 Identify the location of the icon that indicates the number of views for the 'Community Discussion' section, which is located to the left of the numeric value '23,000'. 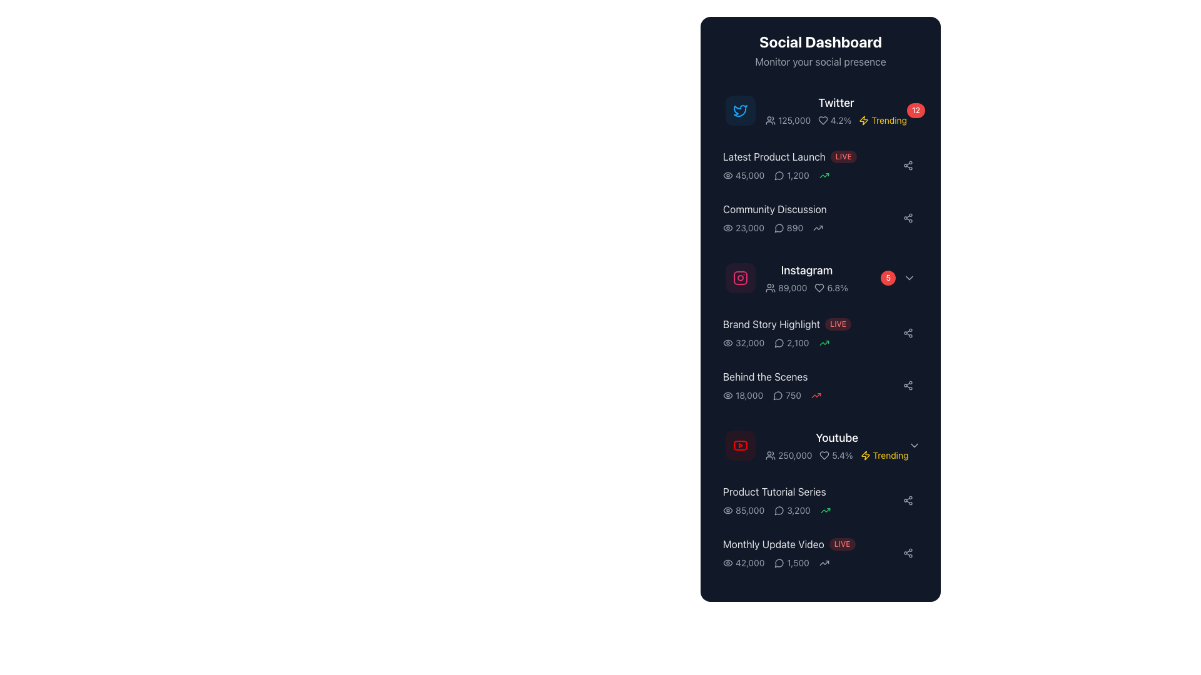
(727, 228).